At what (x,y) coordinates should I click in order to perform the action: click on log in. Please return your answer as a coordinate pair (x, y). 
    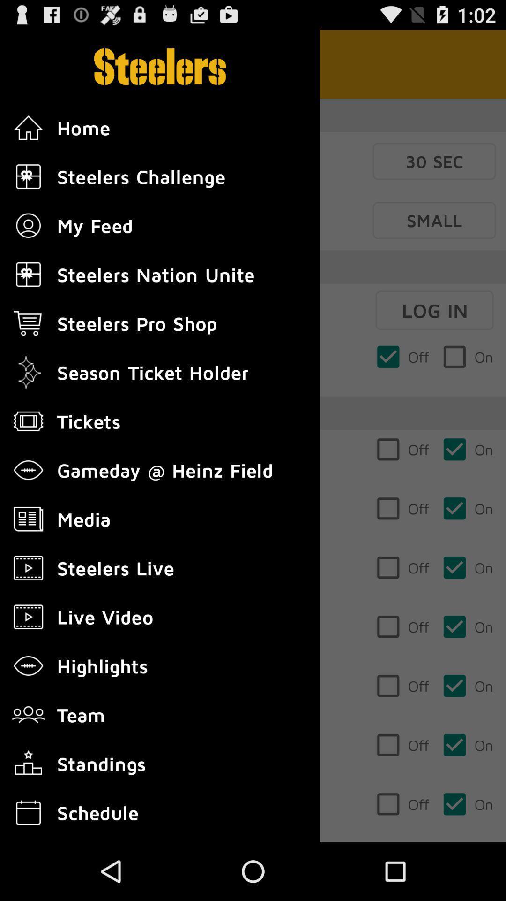
    Looking at the image, I should click on (435, 311).